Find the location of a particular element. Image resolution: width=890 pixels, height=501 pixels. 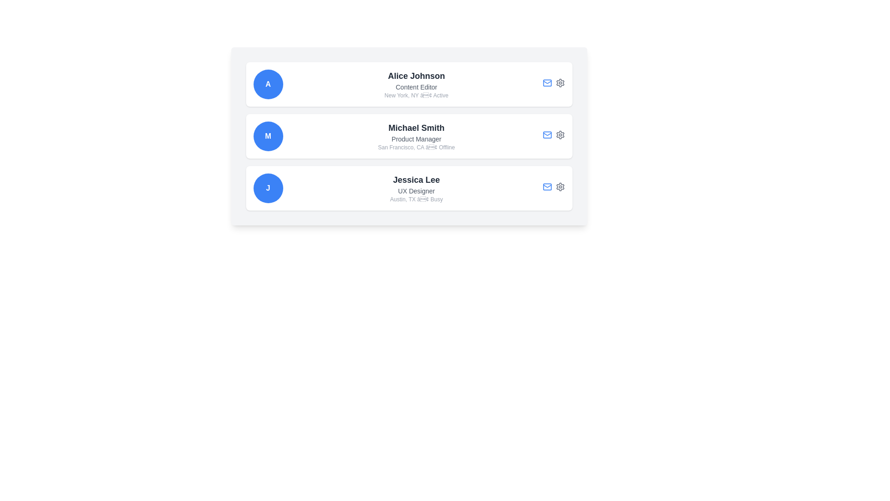

the text label displaying 'San Francisco, CA • Offline', which is styled in a small-sized font and light gray color, positioned under 'Michael Smith' and 'Product Manager' is located at coordinates (416, 147).